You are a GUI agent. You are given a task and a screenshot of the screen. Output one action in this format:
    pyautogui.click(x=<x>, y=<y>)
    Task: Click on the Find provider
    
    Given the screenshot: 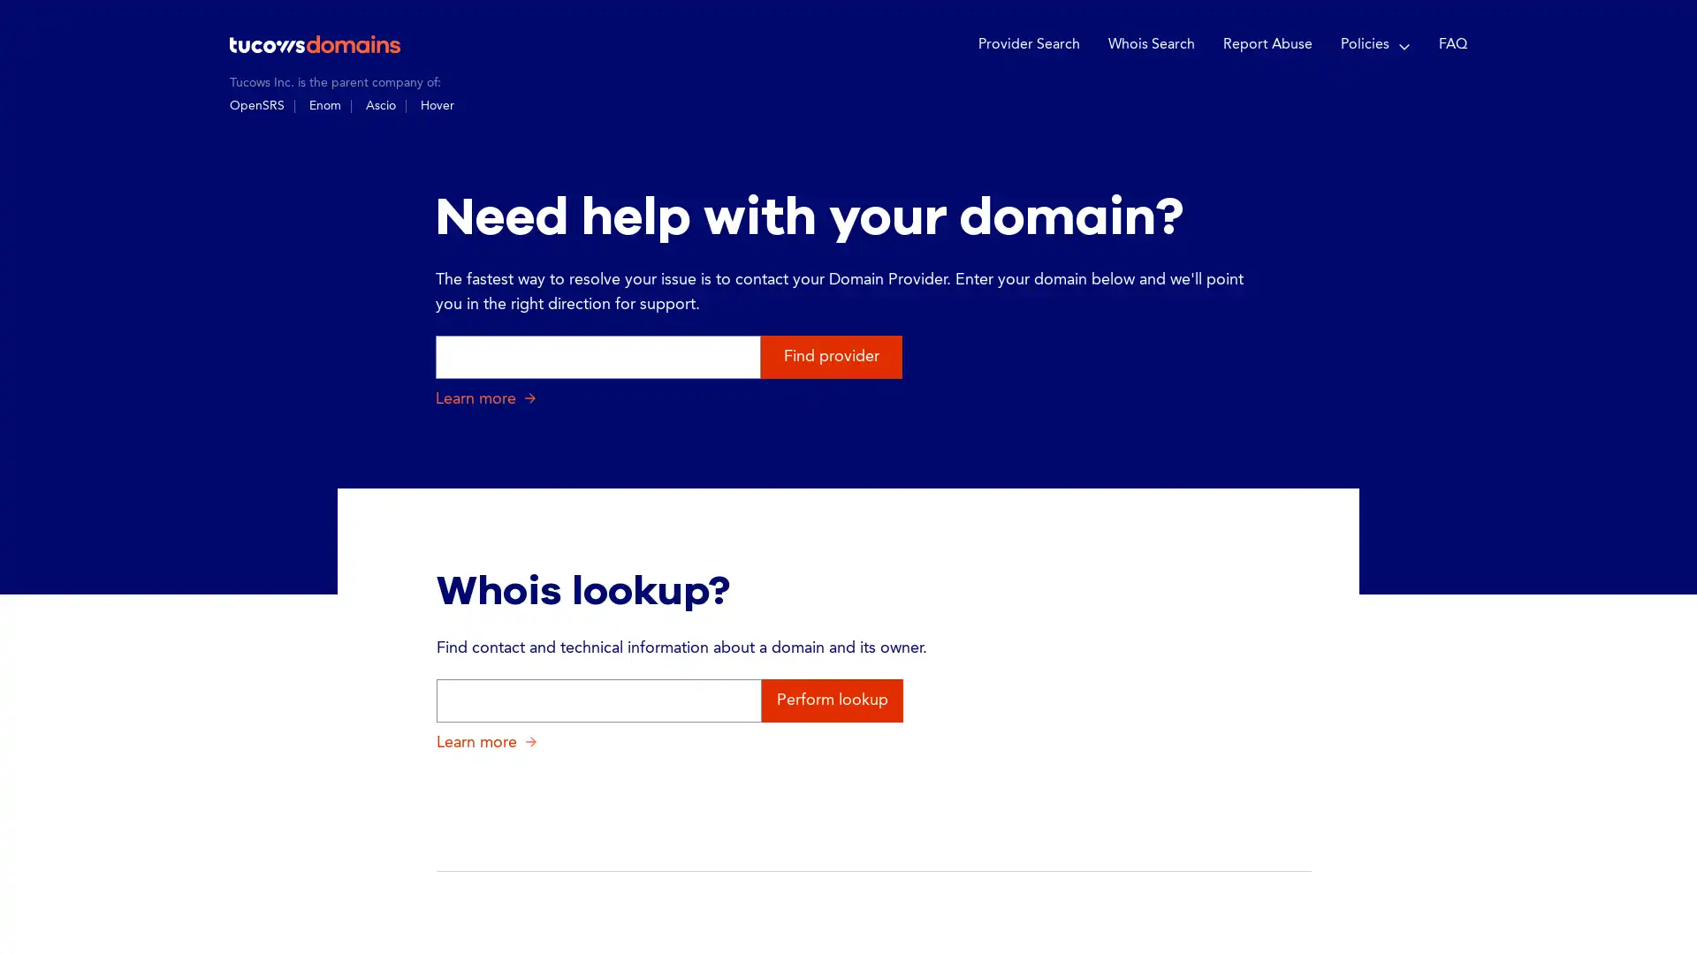 What is the action you would take?
    pyautogui.click(x=830, y=356)
    